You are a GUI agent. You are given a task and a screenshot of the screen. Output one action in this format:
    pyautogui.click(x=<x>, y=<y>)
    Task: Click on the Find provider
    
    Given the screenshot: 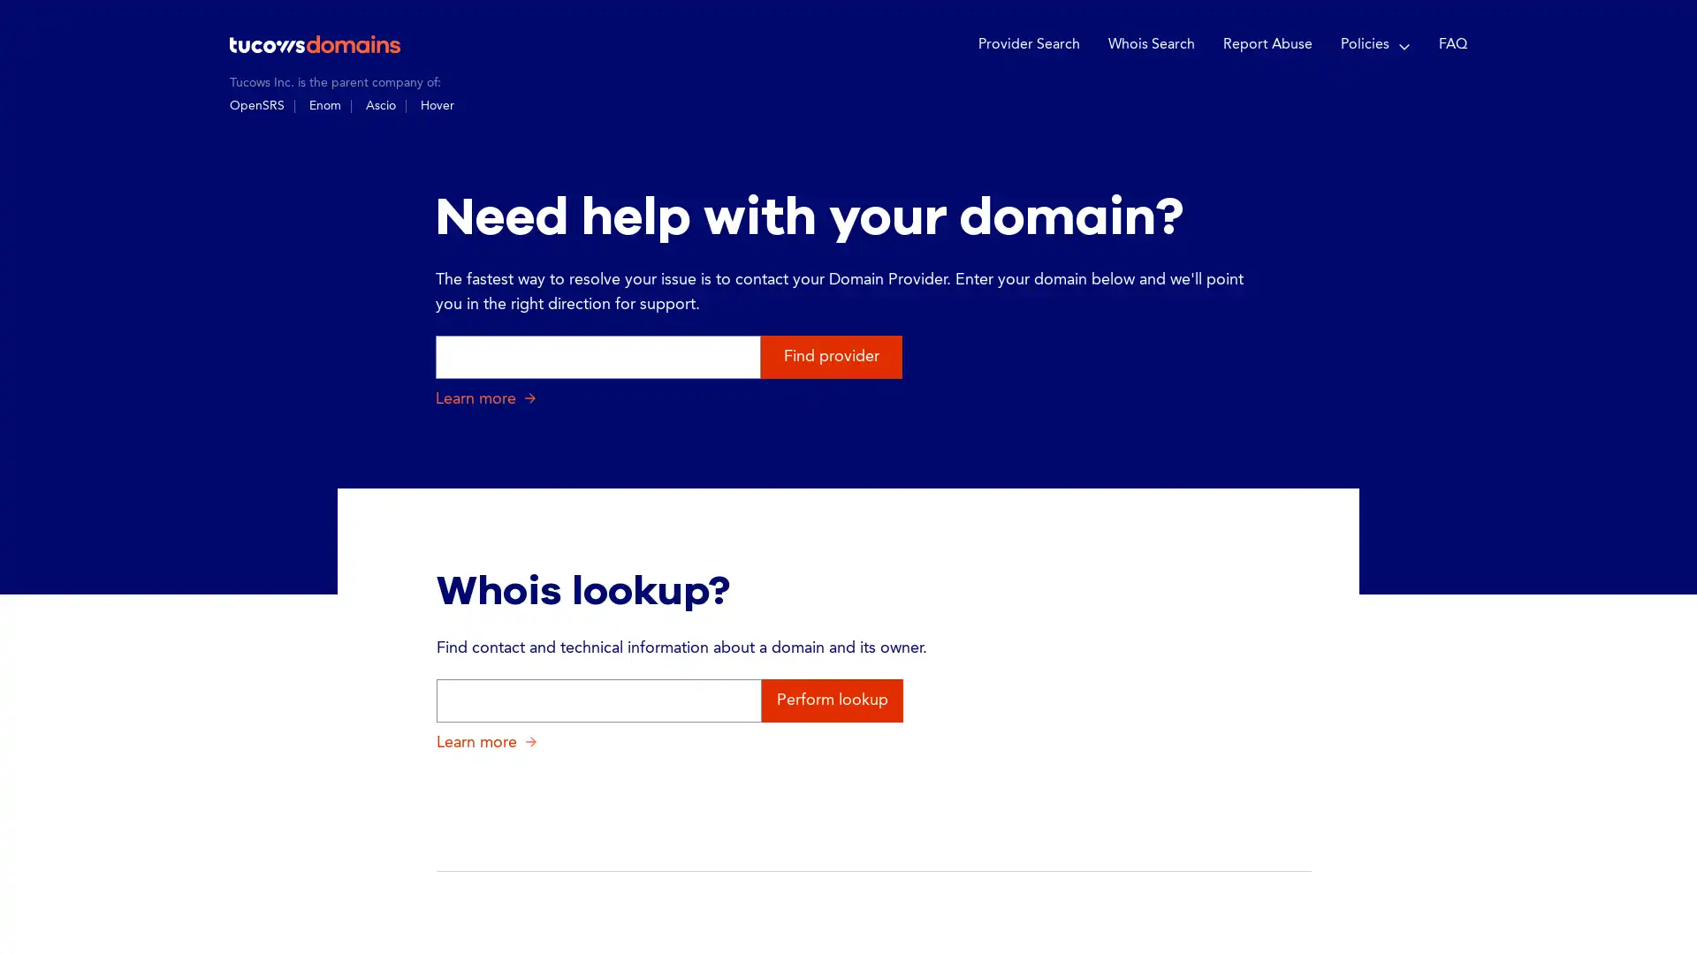 What is the action you would take?
    pyautogui.click(x=830, y=356)
    